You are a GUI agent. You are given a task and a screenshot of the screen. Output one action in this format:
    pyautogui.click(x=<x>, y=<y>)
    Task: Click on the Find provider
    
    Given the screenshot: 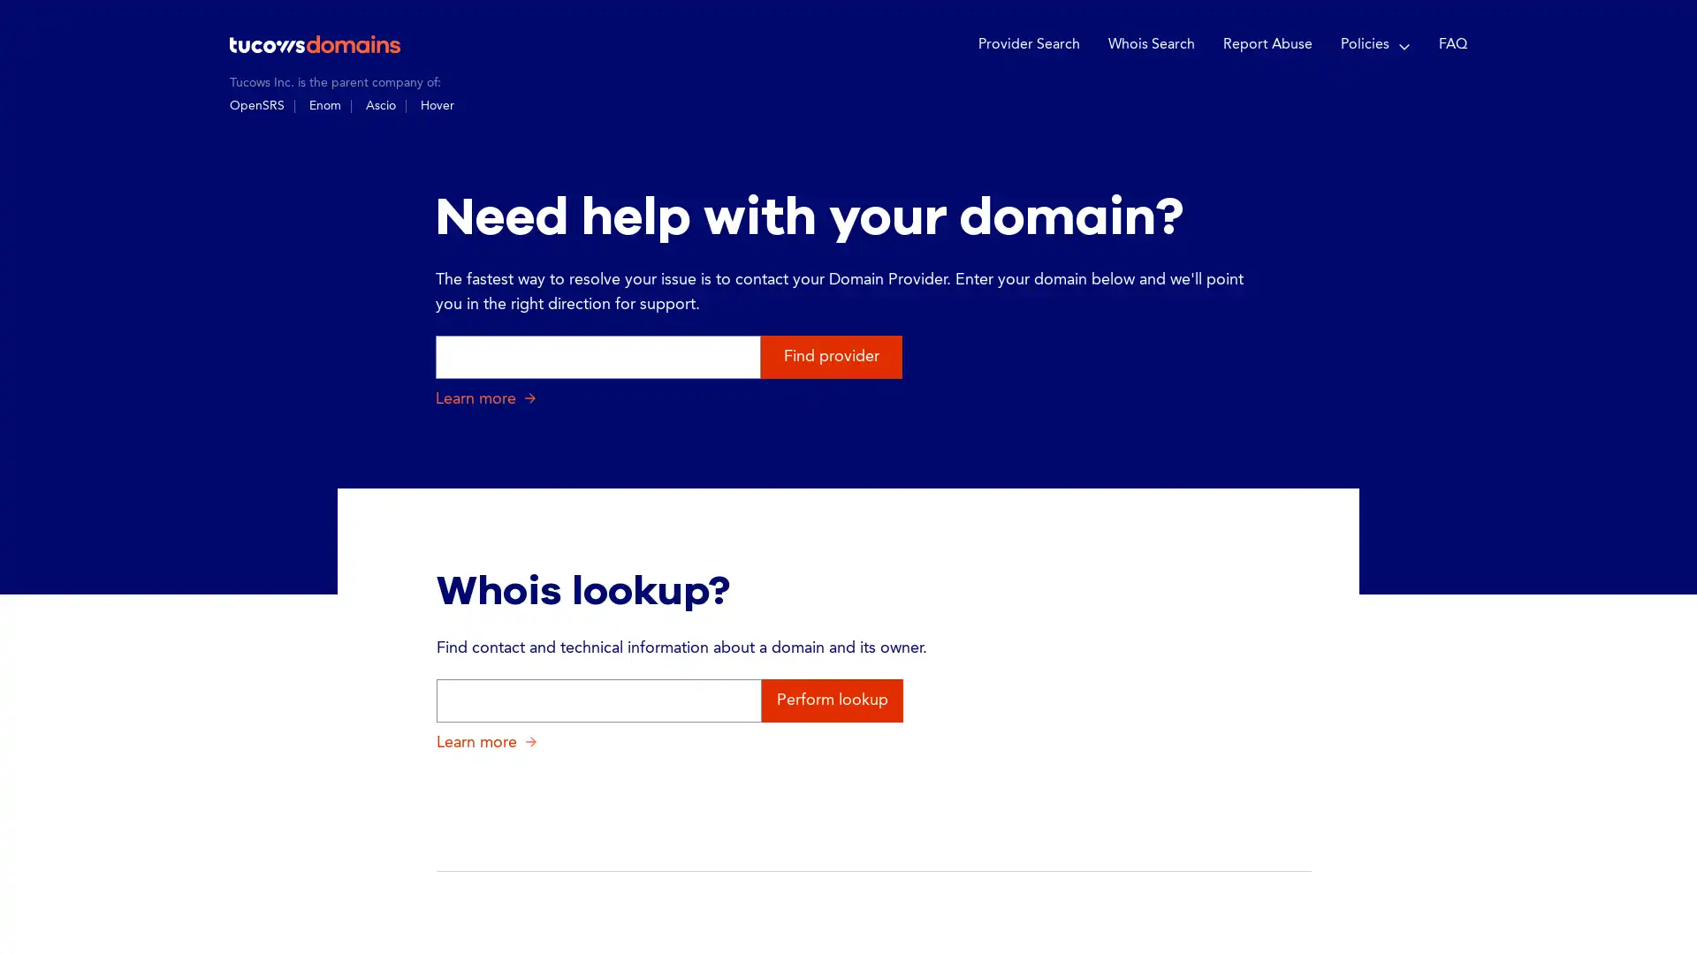 What is the action you would take?
    pyautogui.click(x=830, y=356)
    